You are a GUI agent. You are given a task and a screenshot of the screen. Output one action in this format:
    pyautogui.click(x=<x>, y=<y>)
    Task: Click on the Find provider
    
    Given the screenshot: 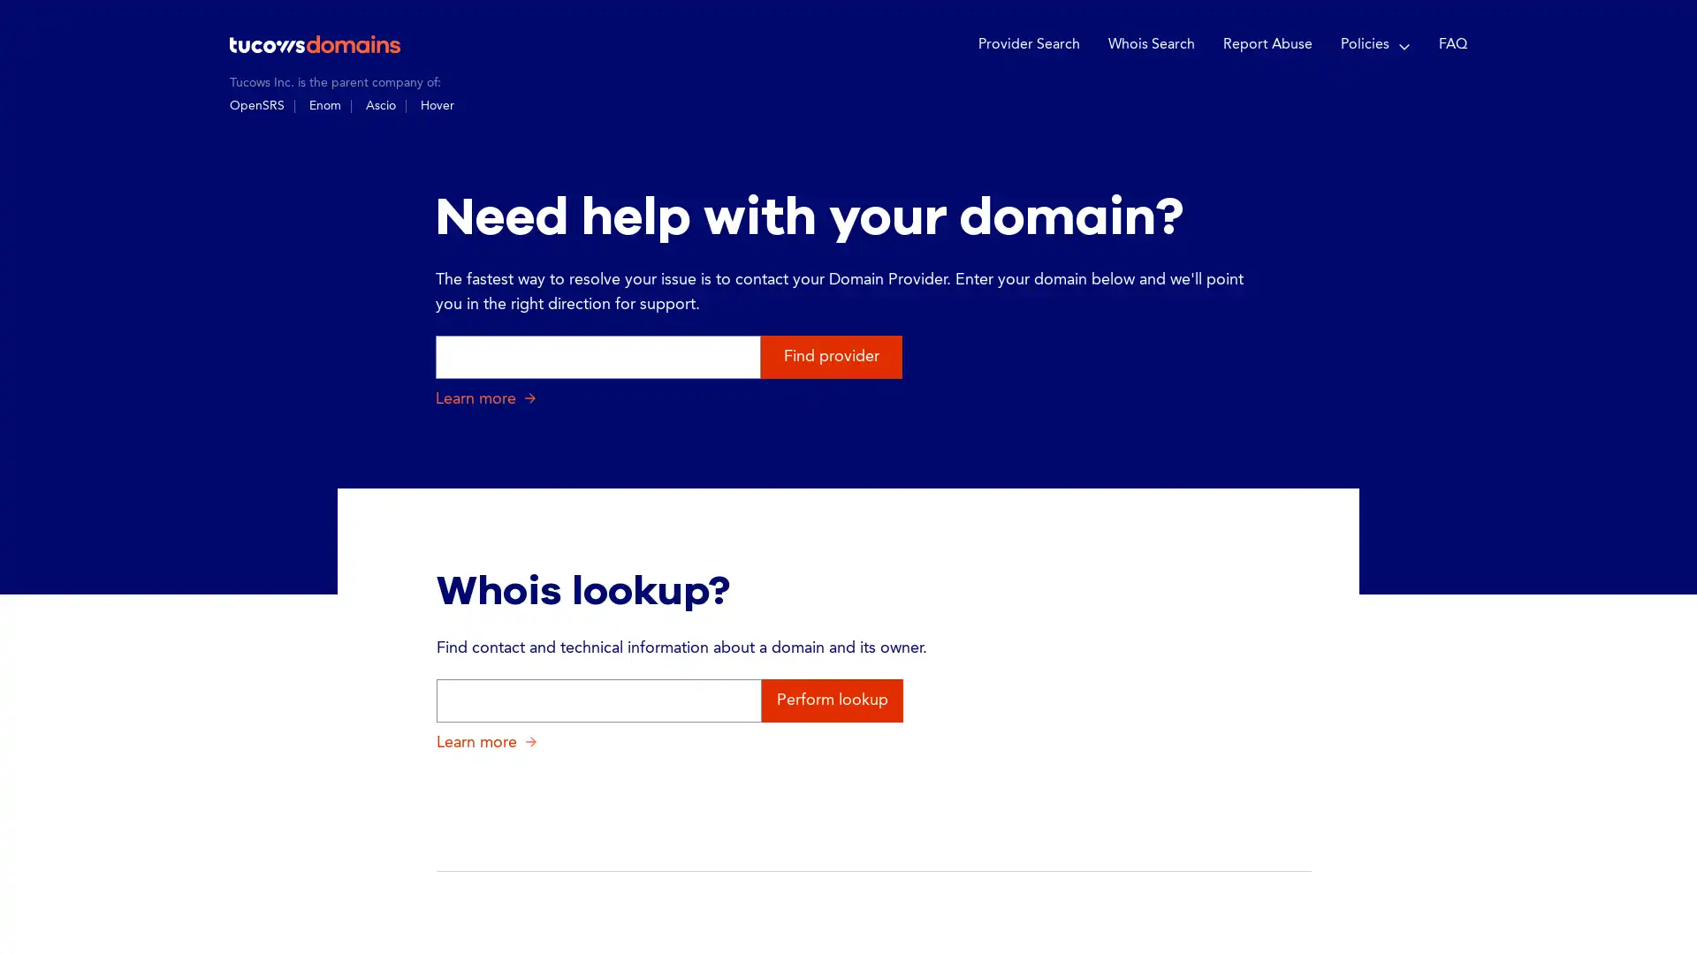 What is the action you would take?
    pyautogui.click(x=830, y=356)
    